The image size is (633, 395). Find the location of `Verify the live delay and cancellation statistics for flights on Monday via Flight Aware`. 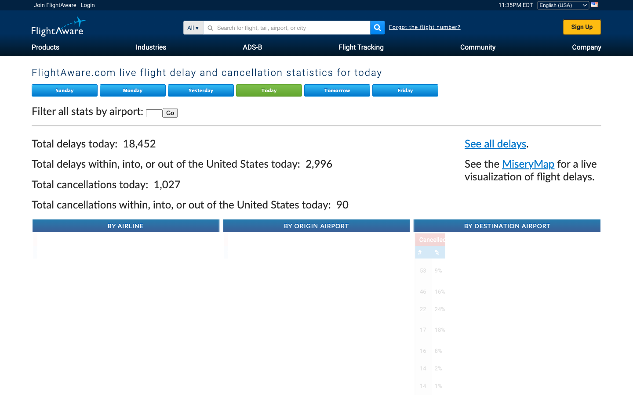

Verify the live delay and cancellation statistics for flights on Monday via Flight Aware is located at coordinates (134, 90).